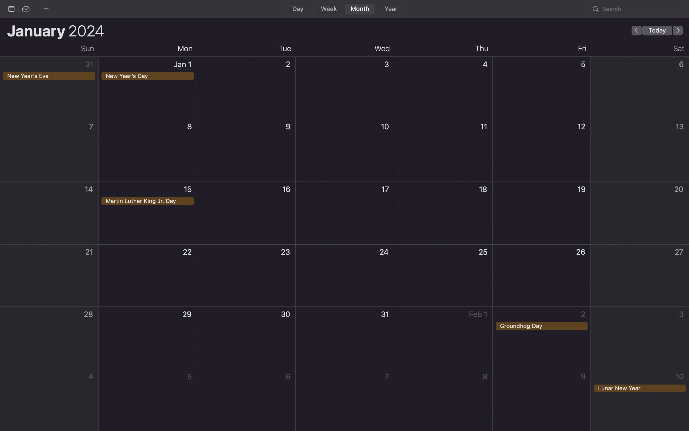  Describe the element at coordinates (359, 9) in the screenshot. I see `View the calendar in monthly format` at that location.